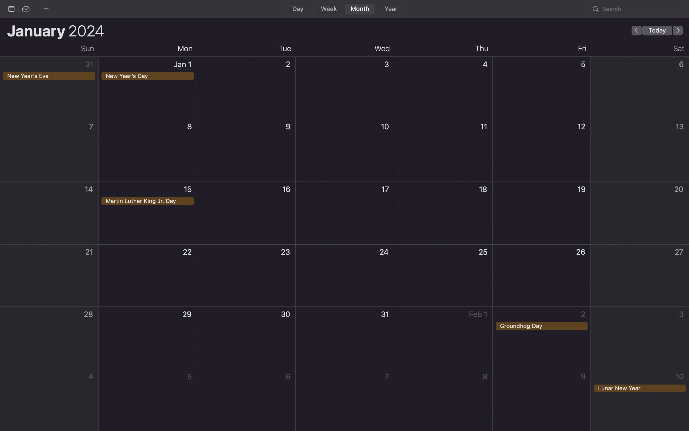  Describe the element at coordinates (359, 9) in the screenshot. I see `View the calendar in monthly format` at that location.